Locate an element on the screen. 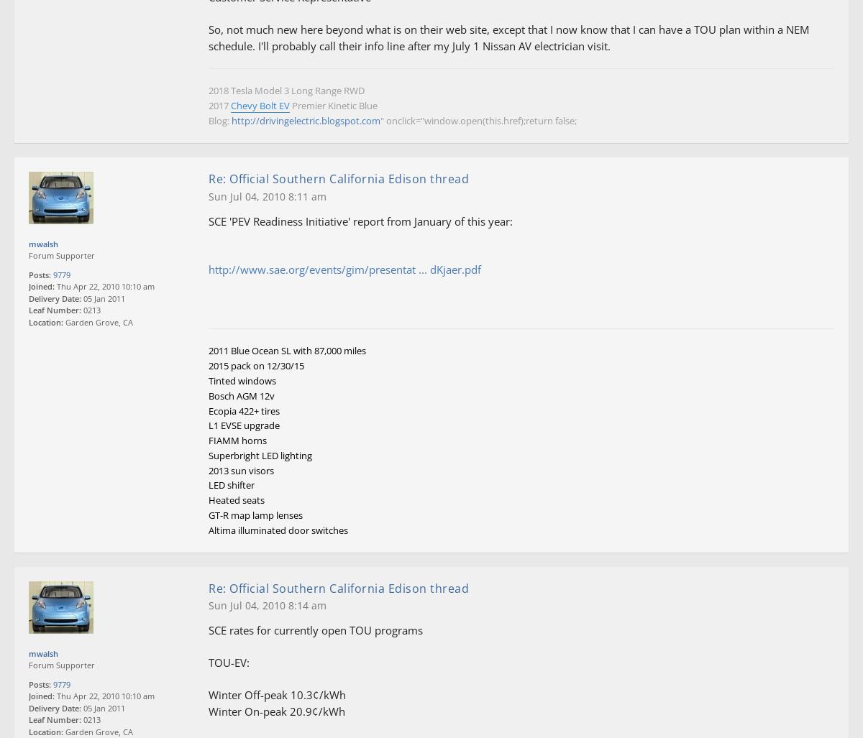 Image resolution: width=863 pixels, height=738 pixels. 'Heated seats' is located at coordinates (237, 499).